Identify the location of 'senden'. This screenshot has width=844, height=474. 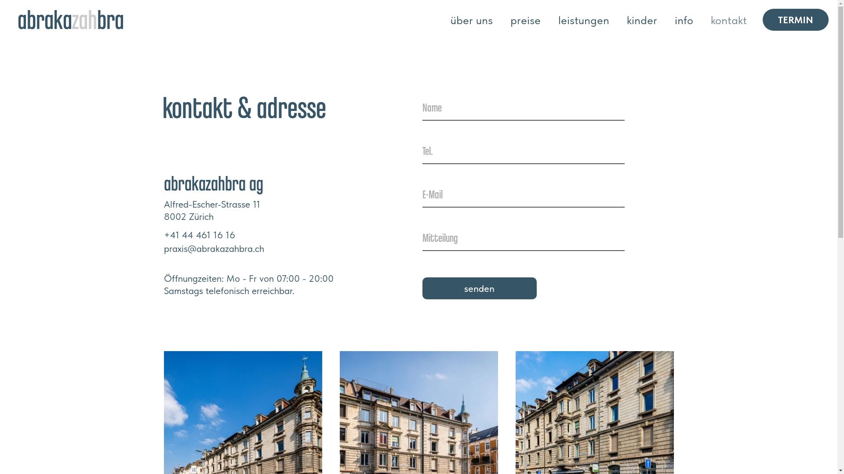
(478, 288).